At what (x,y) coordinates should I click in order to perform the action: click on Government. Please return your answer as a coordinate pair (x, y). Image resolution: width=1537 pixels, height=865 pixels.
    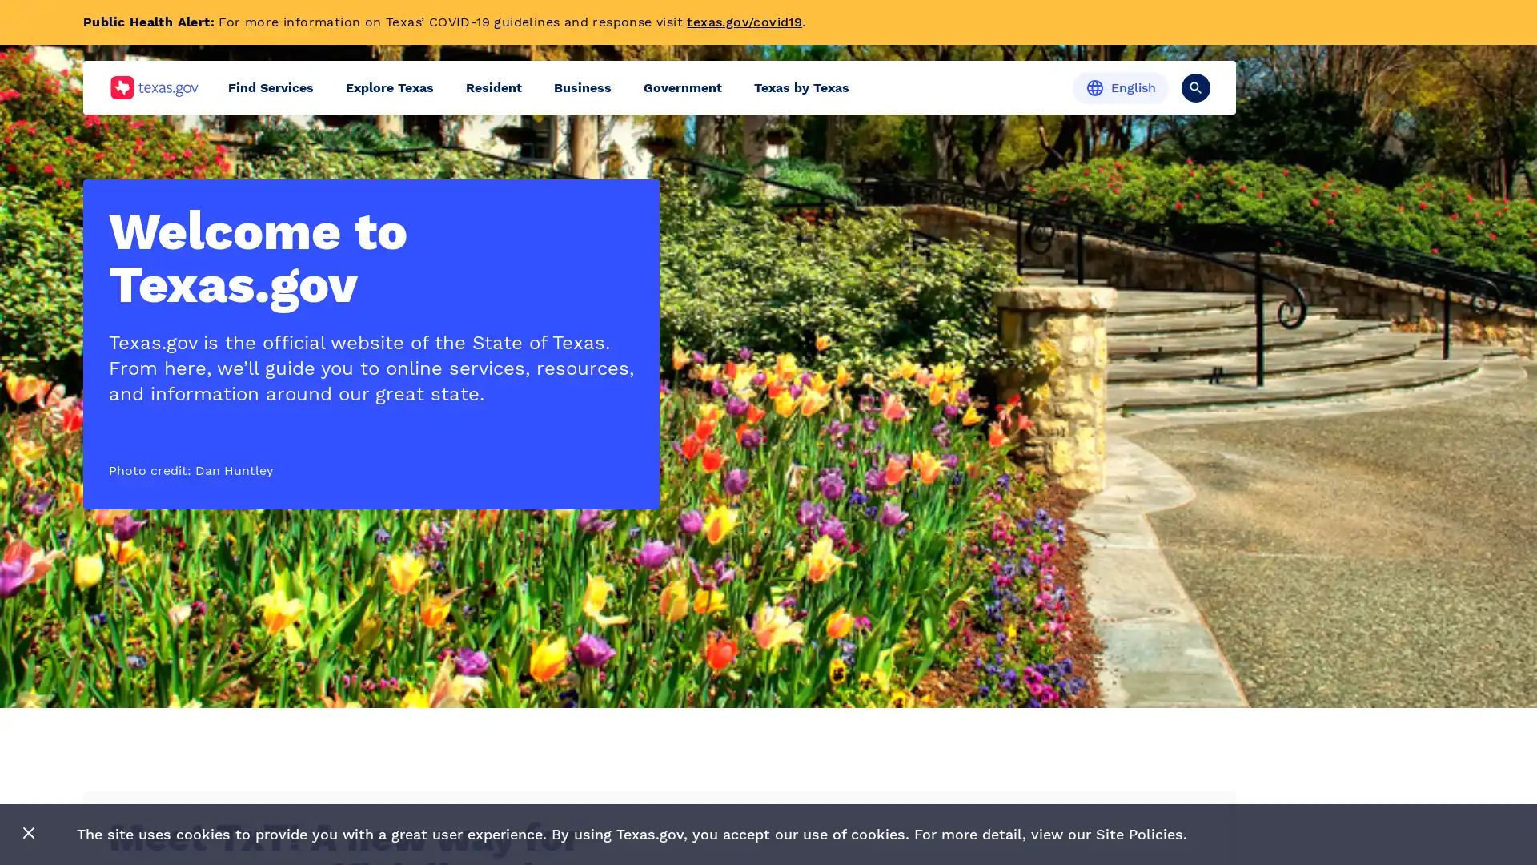
    Looking at the image, I should click on (683, 87).